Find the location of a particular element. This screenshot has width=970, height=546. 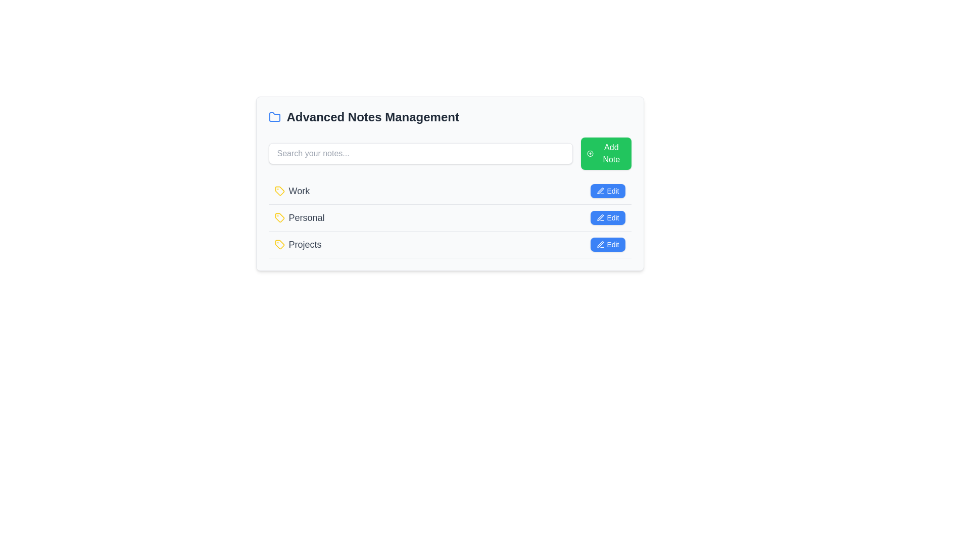

the 'Projects' category icon, which is represented by a tag icon and is located to the left of the 'Projects' label under the 'Advanced Notes Management' title is located at coordinates (279, 244).